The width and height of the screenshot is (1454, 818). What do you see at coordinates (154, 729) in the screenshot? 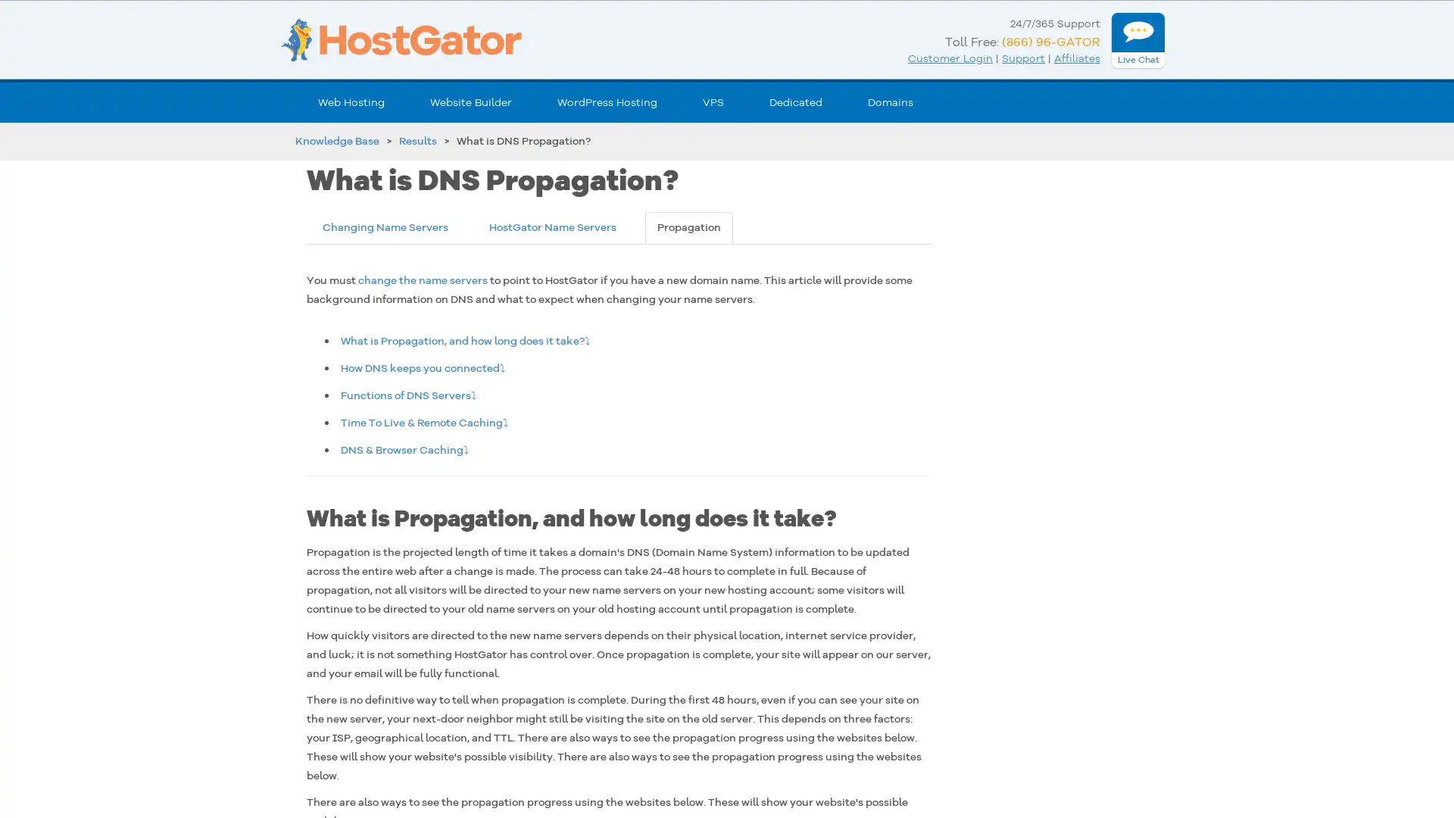
I see `Got It` at bounding box center [154, 729].